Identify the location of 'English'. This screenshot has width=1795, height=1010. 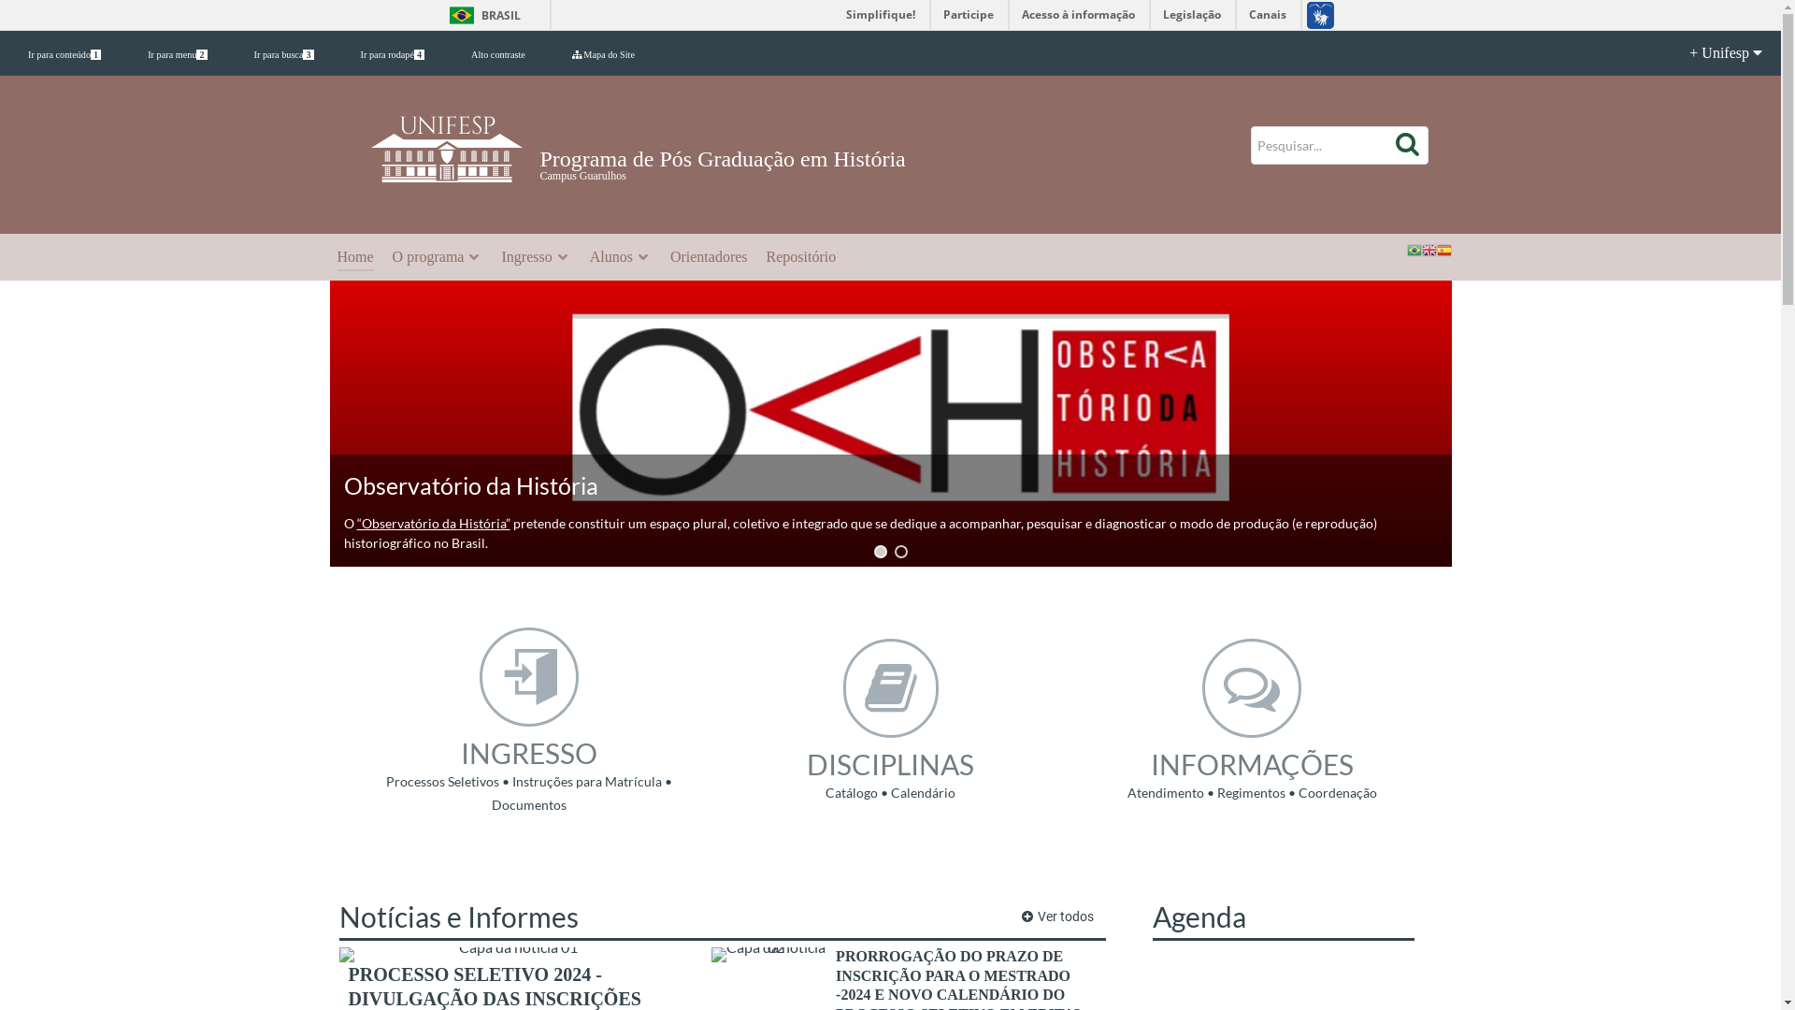
(1421, 247).